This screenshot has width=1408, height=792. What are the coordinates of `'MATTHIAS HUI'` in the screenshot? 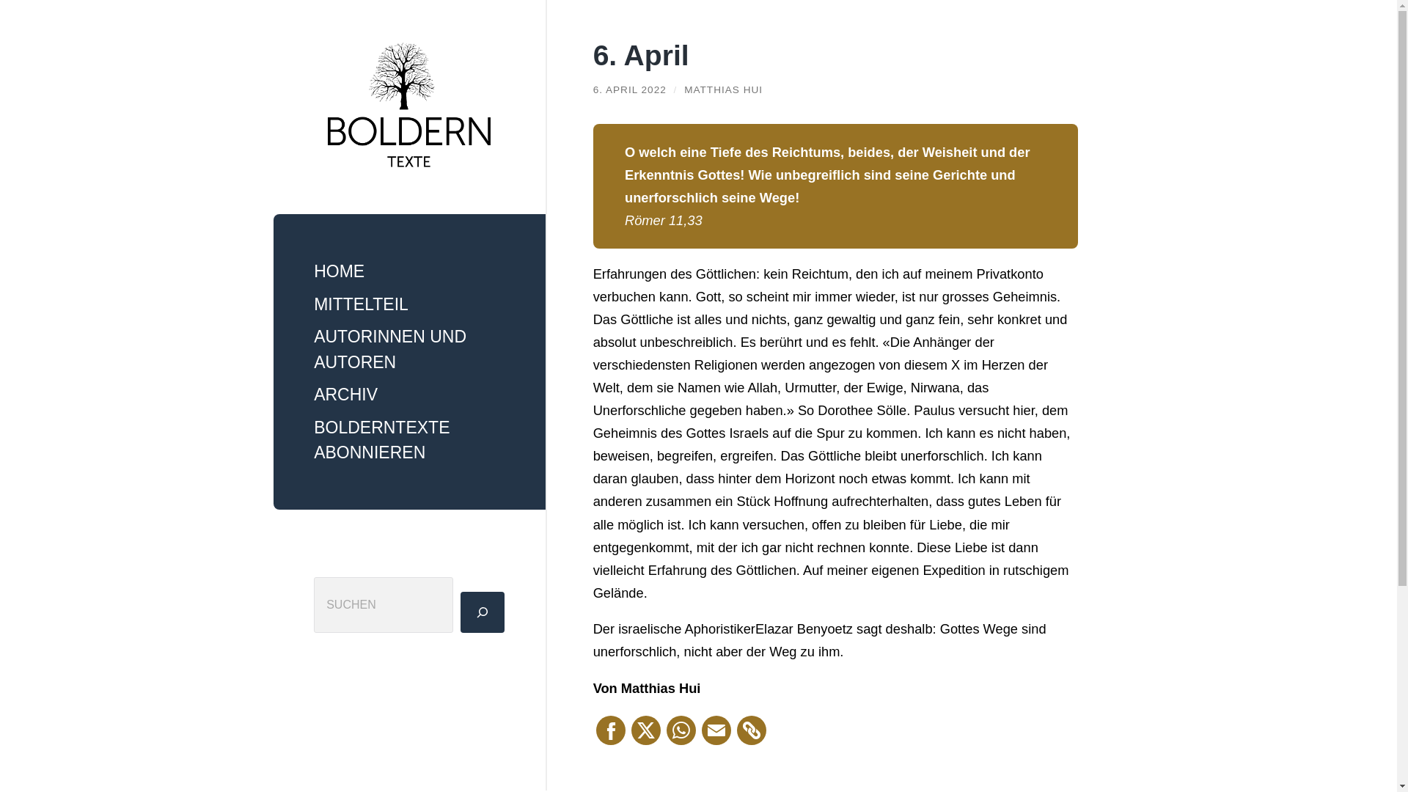 It's located at (723, 89).